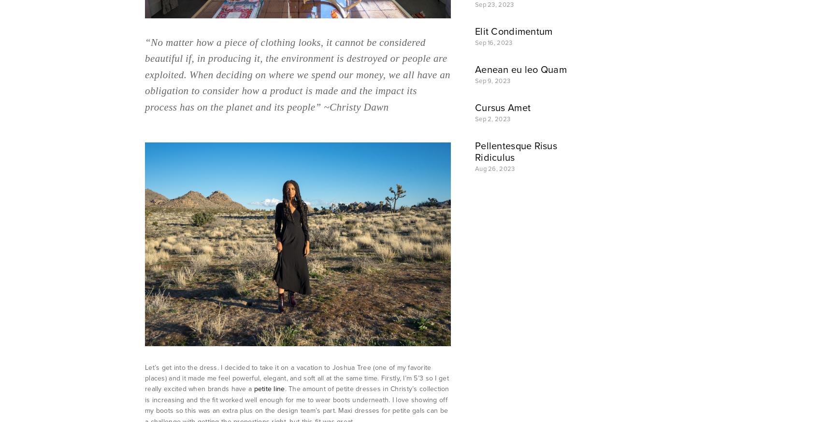 The image size is (822, 422). Describe the element at coordinates (492, 119) in the screenshot. I see `'Sep 2, 2023'` at that location.